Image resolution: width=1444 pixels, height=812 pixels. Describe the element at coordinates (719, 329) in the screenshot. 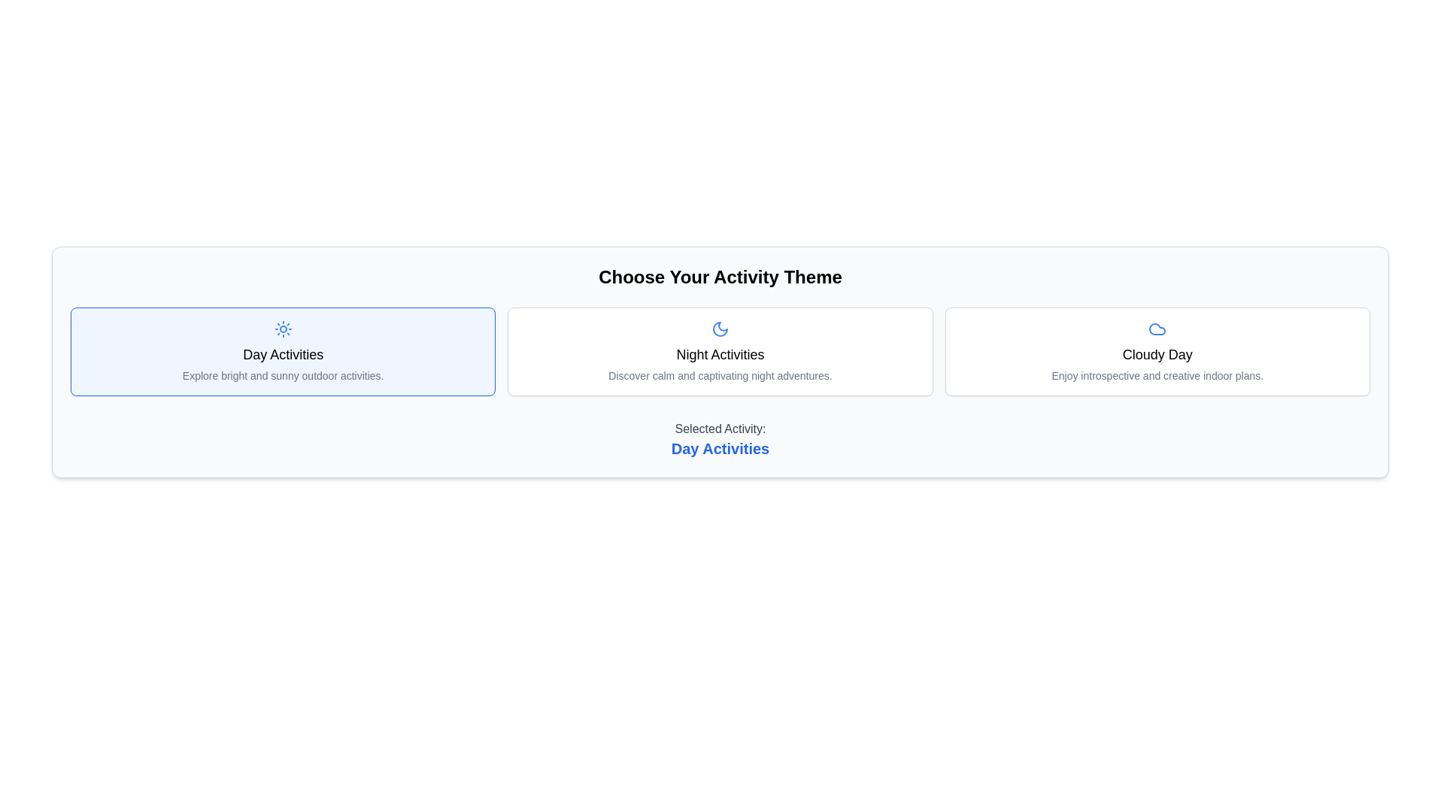

I see `the crescent moon icon located in the Night Activities section, which is the middle card under the 'Choose Your Activity Theme' heading` at that location.